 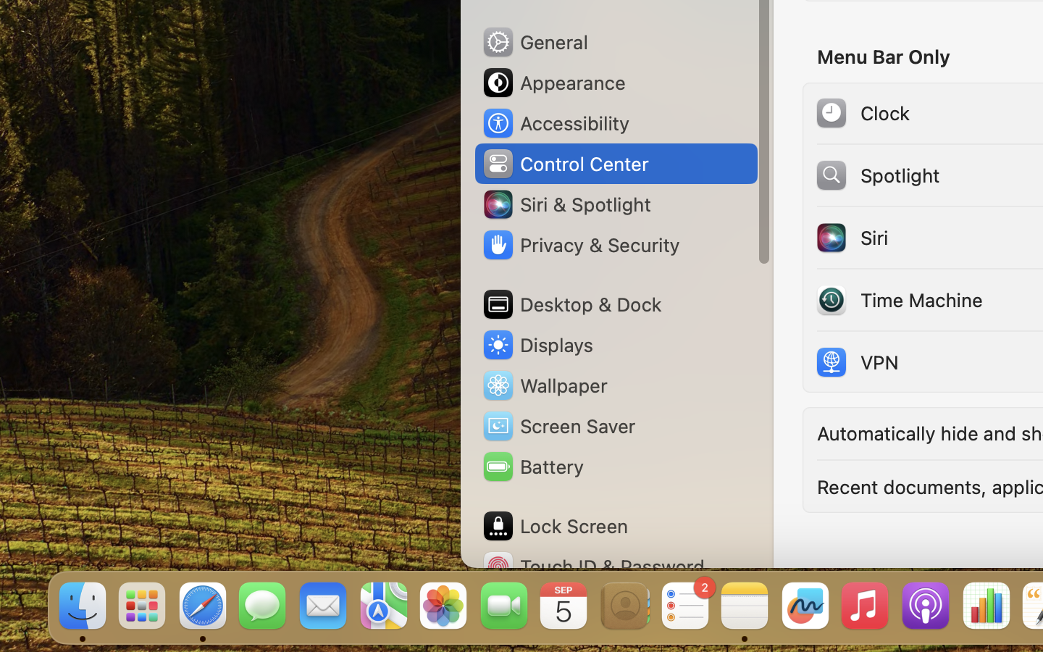 What do you see at coordinates (862, 112) in the screenshot?
I see `'Clock'` at bounding box center [862, 112].